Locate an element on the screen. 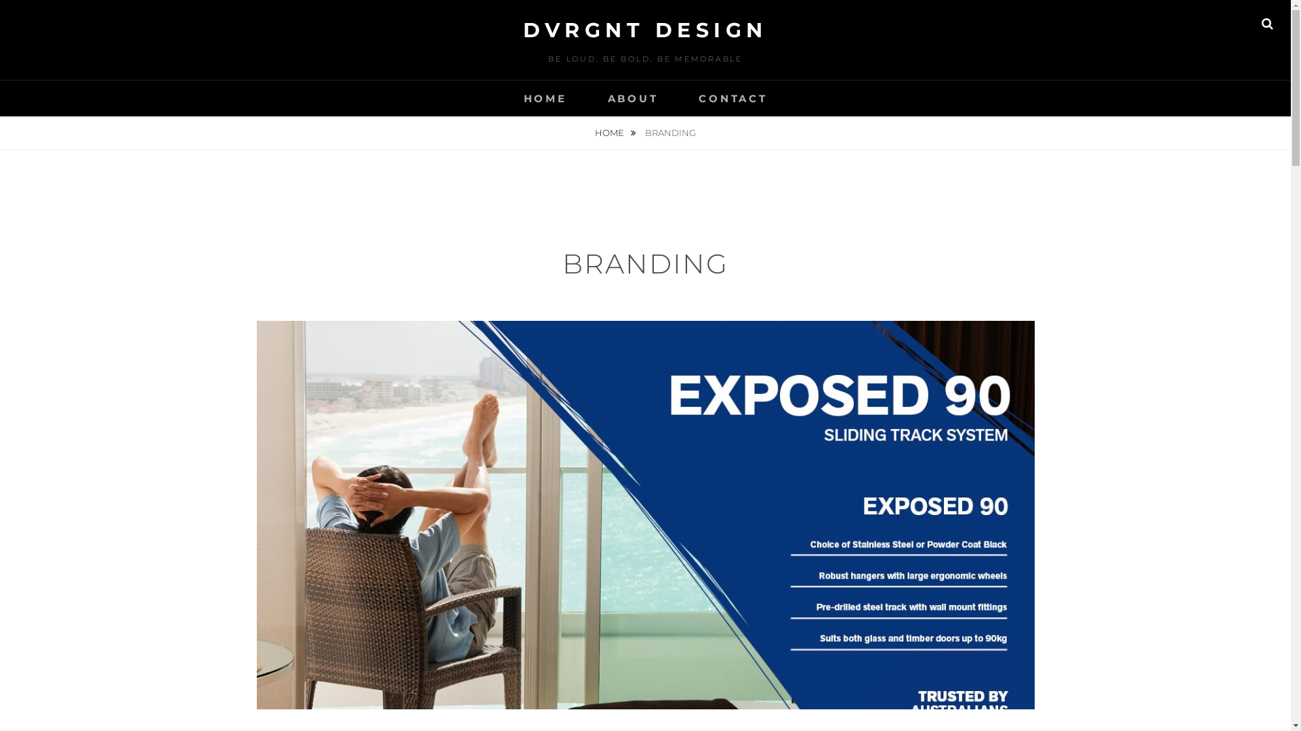 The image size is (1301, 731). 'HOME' is located at coordinates (545, 97).